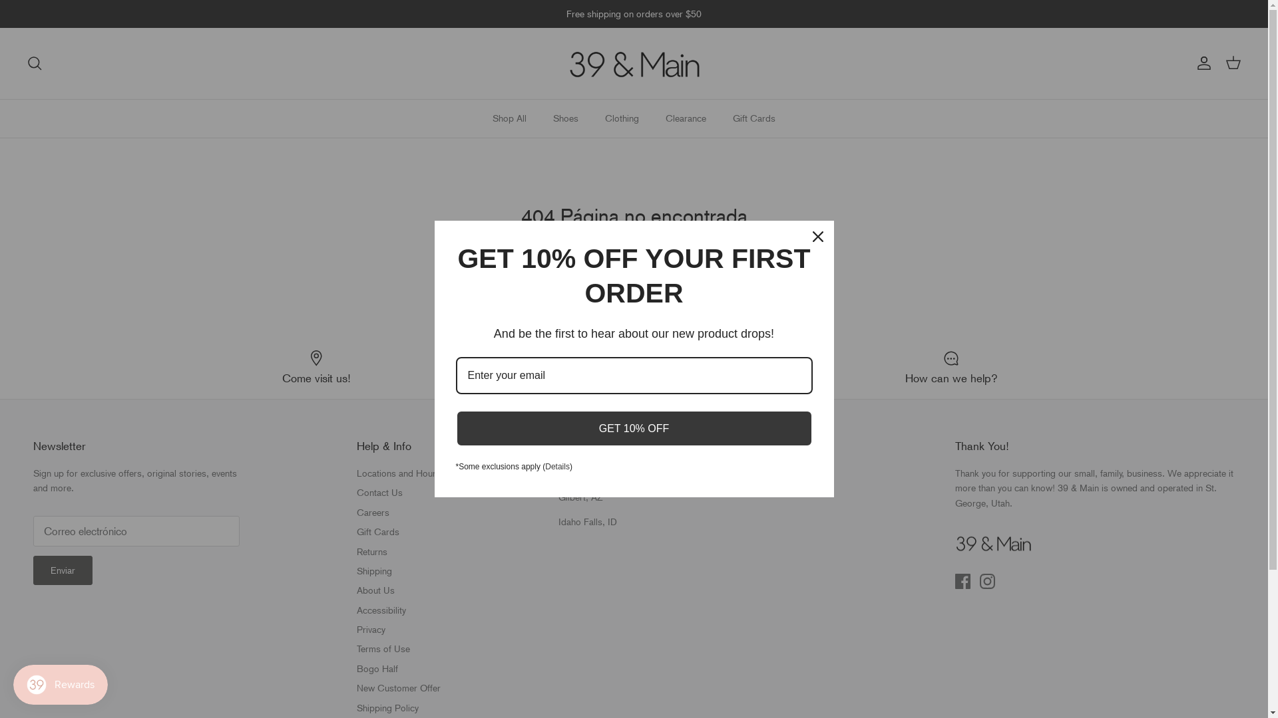 This screenshot has height=718, width=1278. What do you see at coordinates (376, 669) in the screenshot?
I see `'Bogo Half'` at bounding box center [376, 669].